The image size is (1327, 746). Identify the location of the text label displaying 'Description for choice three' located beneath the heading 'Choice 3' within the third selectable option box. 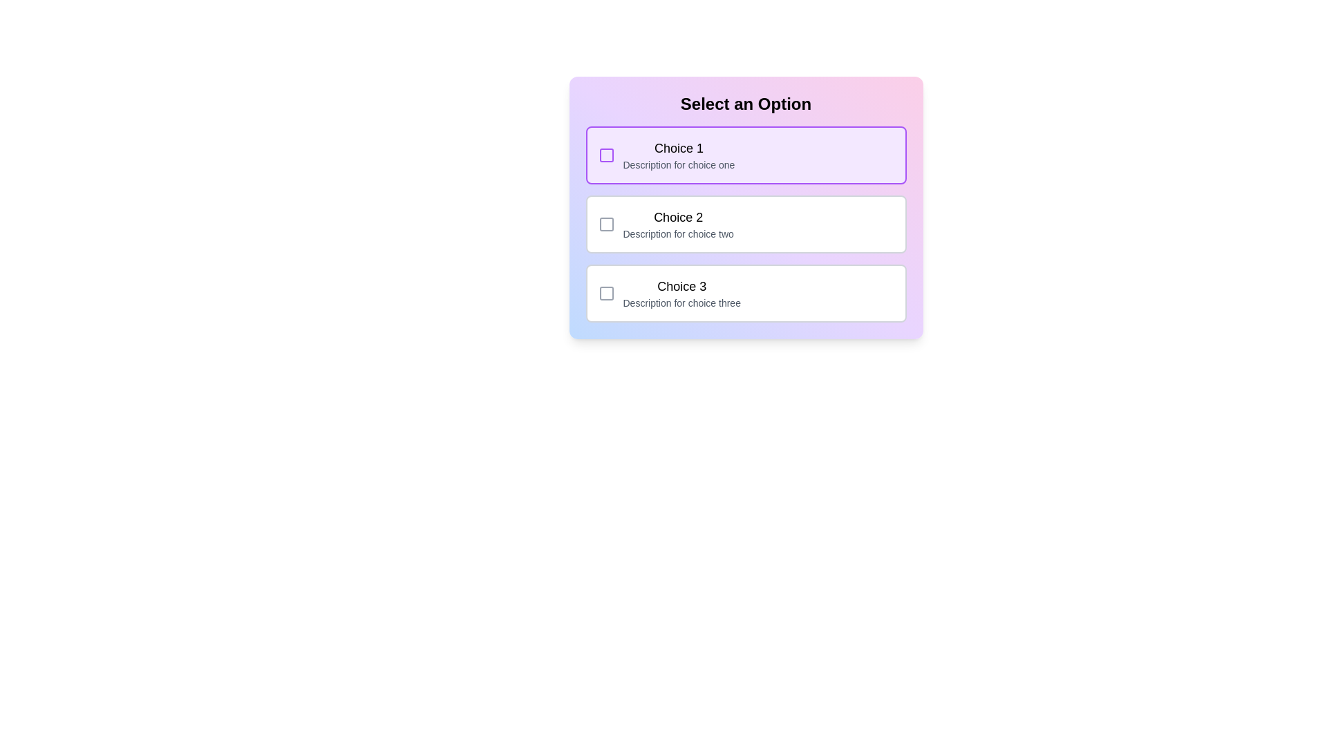
(681, 303).